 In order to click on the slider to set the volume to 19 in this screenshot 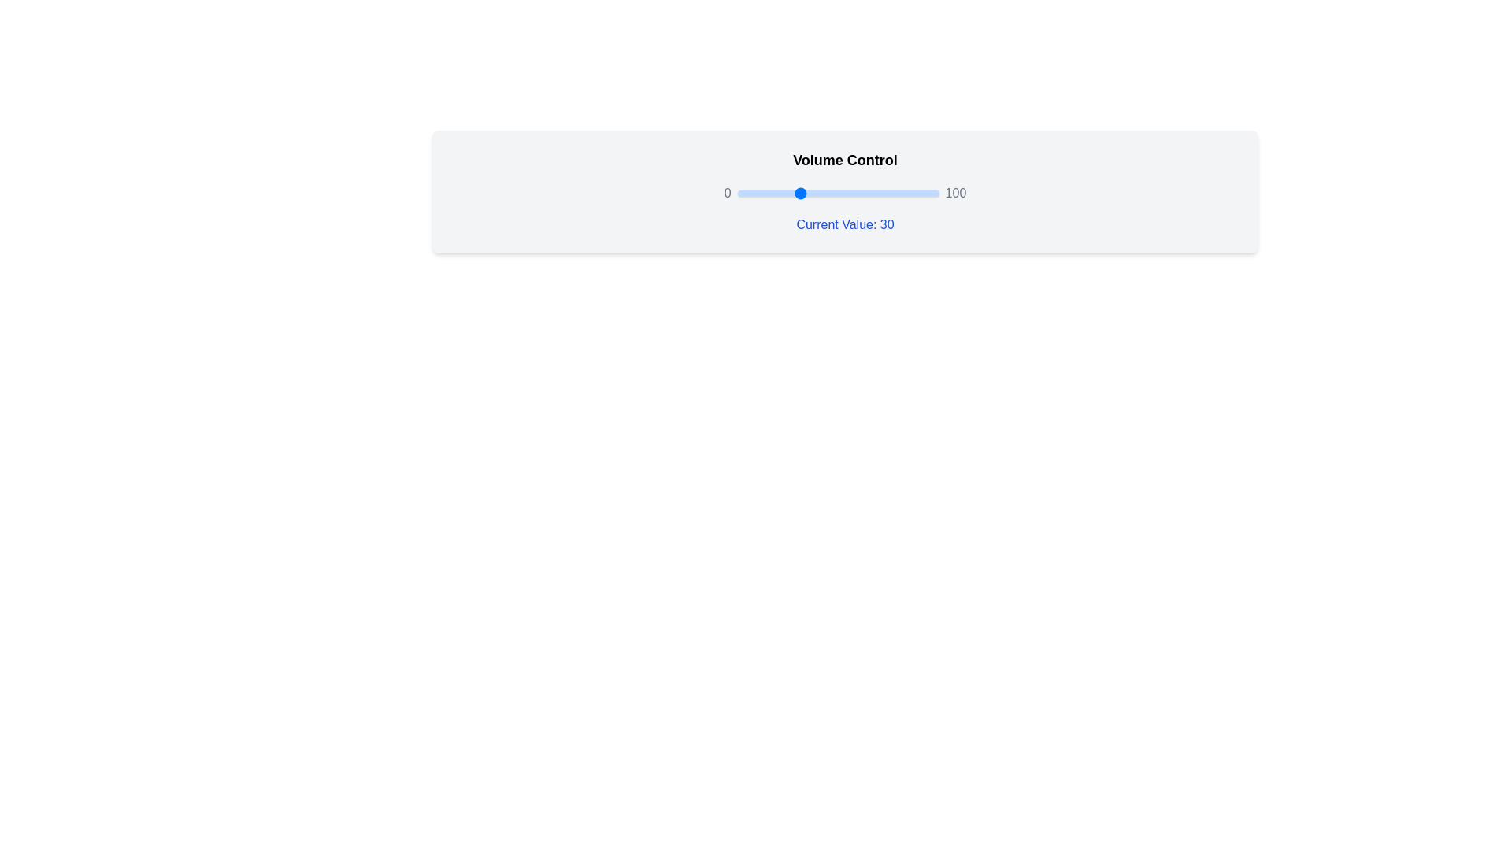, I will do `click(776, 193)`.